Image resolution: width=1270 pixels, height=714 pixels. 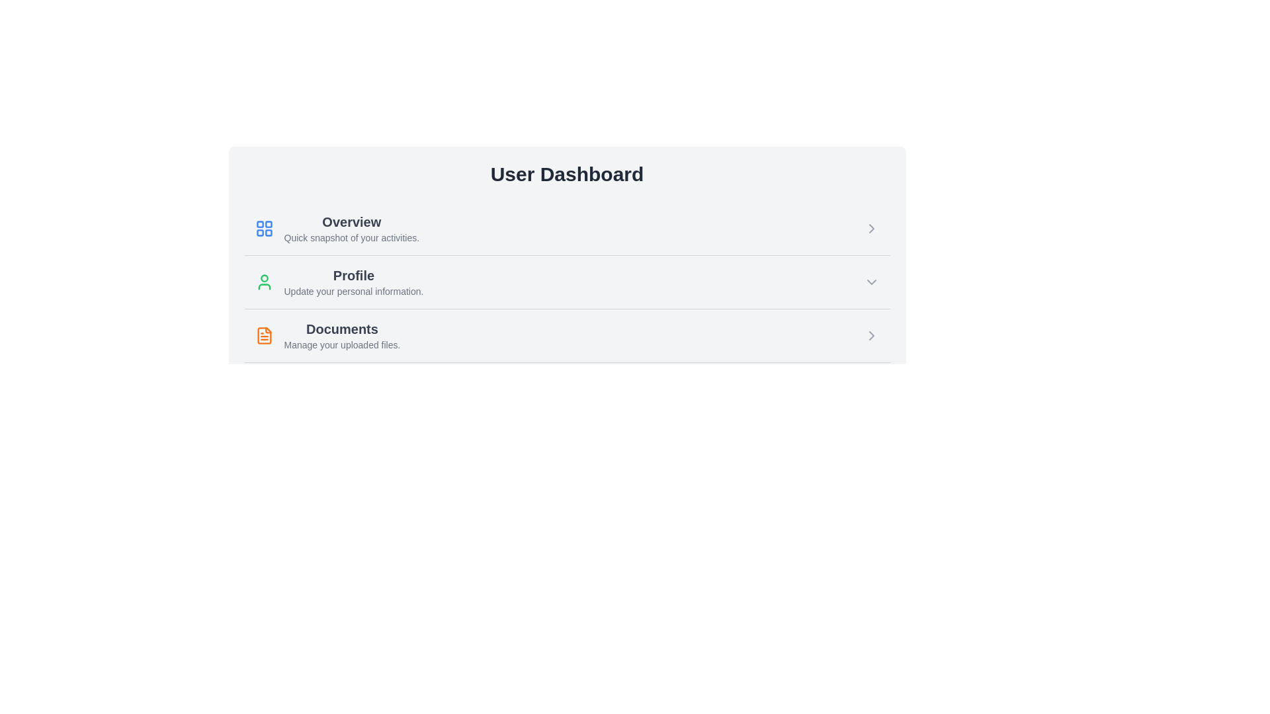 I want to click on text 'Profile' which is the prominent header of the section, followed by 'Update your personal information.' in the descriptive text below, so click(x=353, y=282).